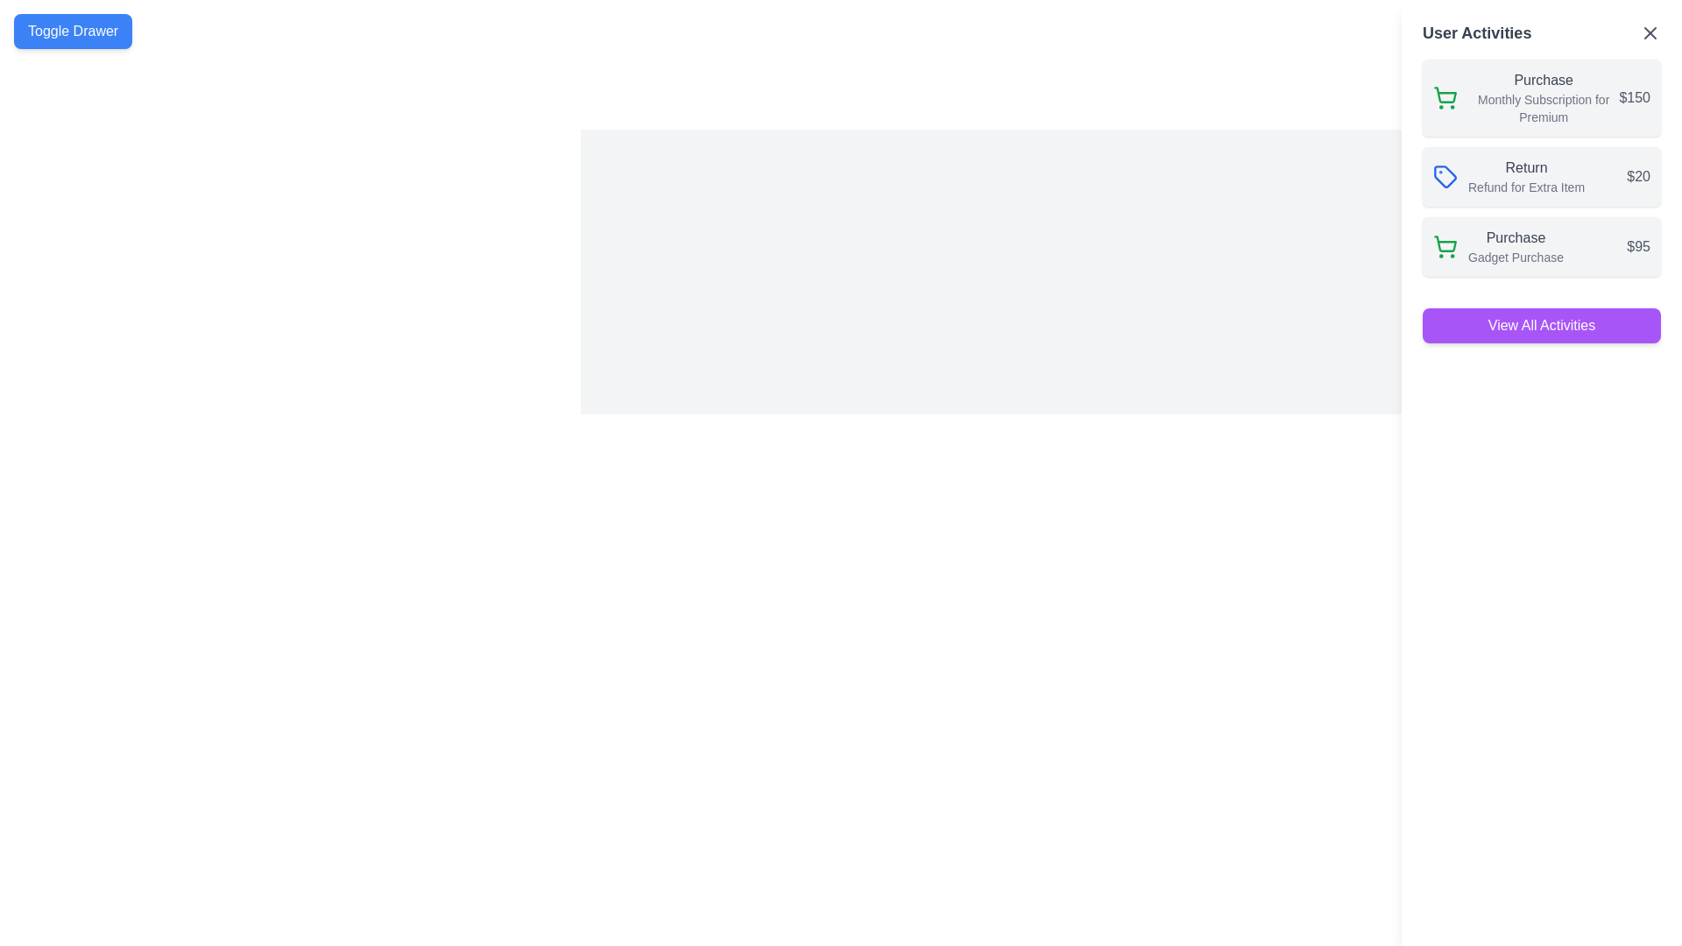  I want to click on shopping cart icon, which is green and located in the 'User Activities' panel within the first activity block titled 'Purchase', so click(1445, 244).